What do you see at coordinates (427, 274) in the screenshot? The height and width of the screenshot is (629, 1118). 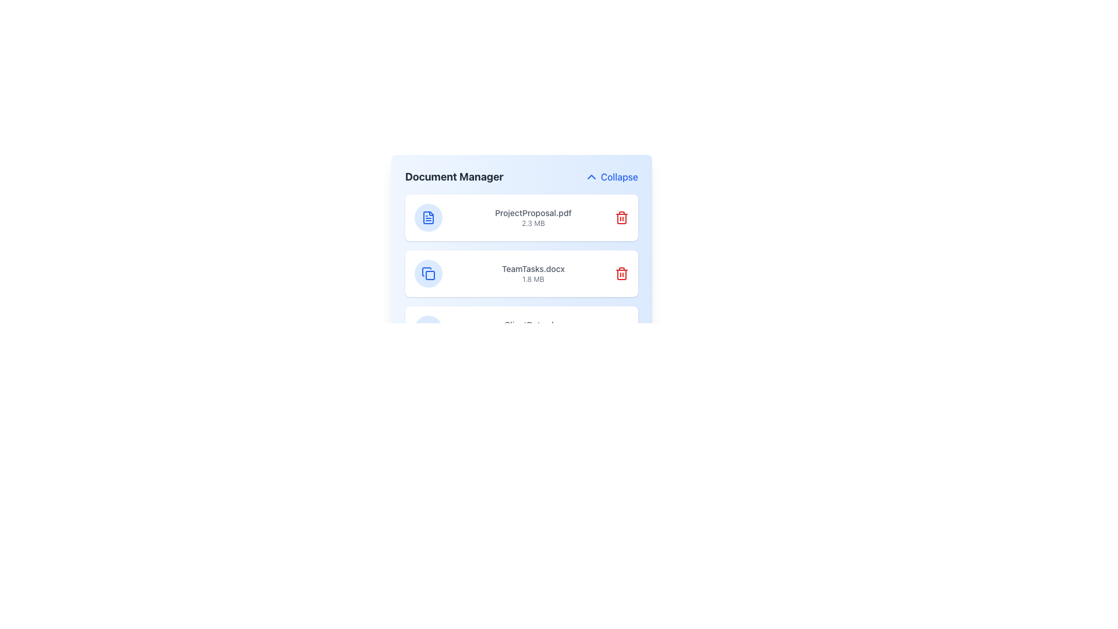 I see `the Icon Button for the copy functionality located in the second row of the document manager interface, positioned to the left of 'TeamTasks.docx 1.8 MB'` at bounding box center [427, 274].